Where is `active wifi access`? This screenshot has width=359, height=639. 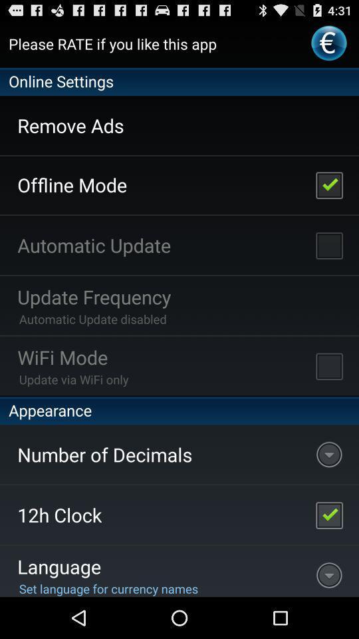
active wifi access is located at coordinates (328, 365).